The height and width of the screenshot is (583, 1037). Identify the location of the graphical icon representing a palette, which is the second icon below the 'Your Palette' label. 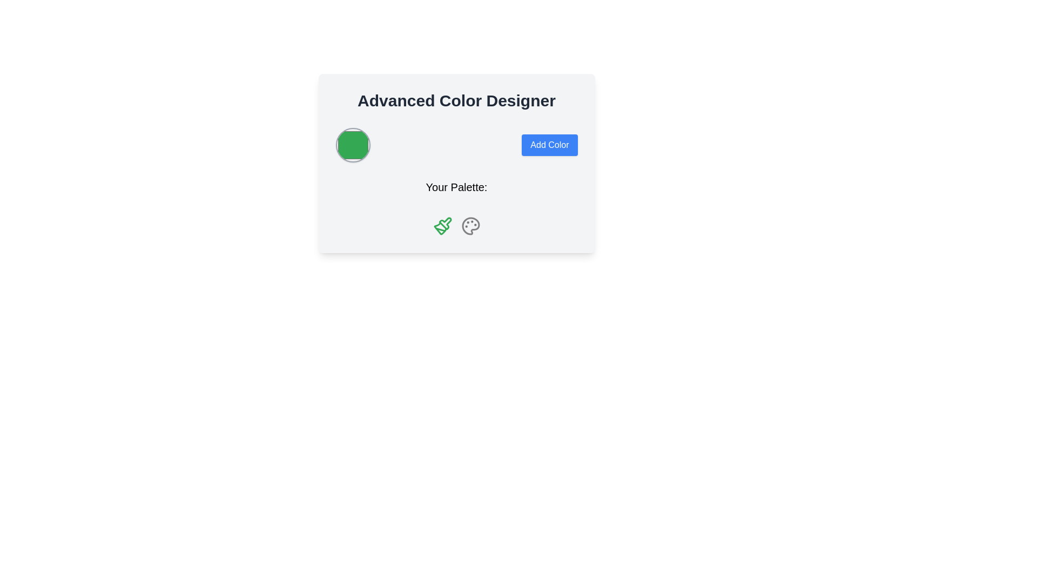
(470, 226).